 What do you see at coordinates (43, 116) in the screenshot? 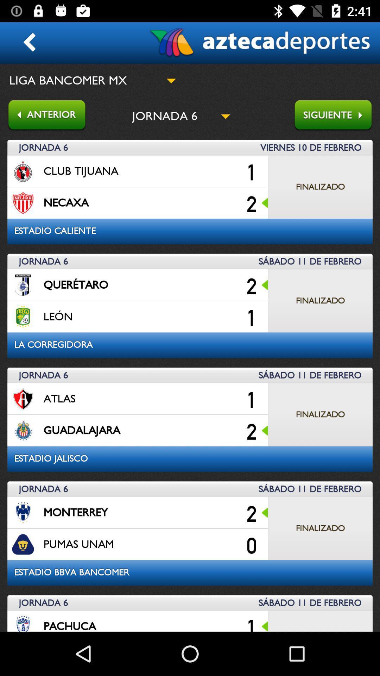
I see `go back` at bounding box center [43, 116].